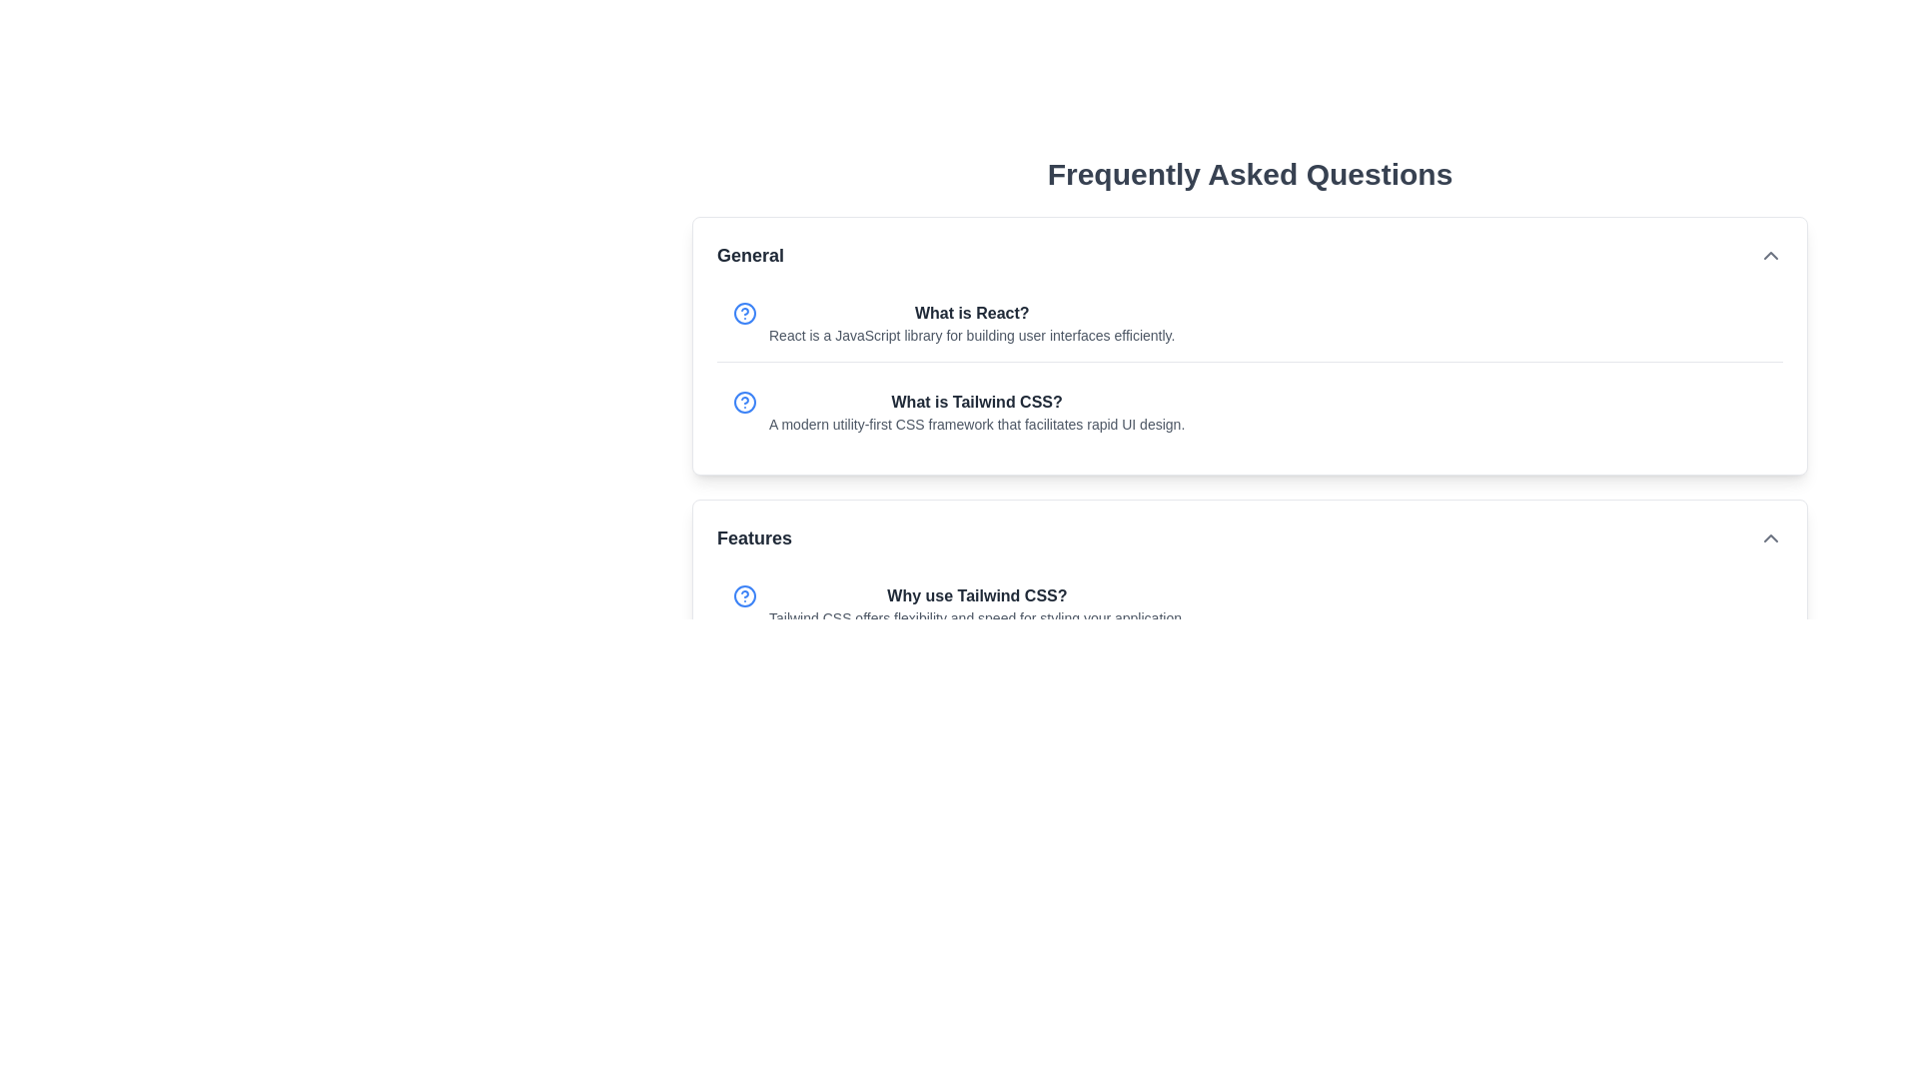 The width and height of the screenshot is (1918, 1079). What do you see at coordinates (743, 313) in the screenshot?
I see `the blue outlined circular icon located to the left of the 'What is React?' text in the 'General' section of the FAQ layout` at bounding box center [743, 313].